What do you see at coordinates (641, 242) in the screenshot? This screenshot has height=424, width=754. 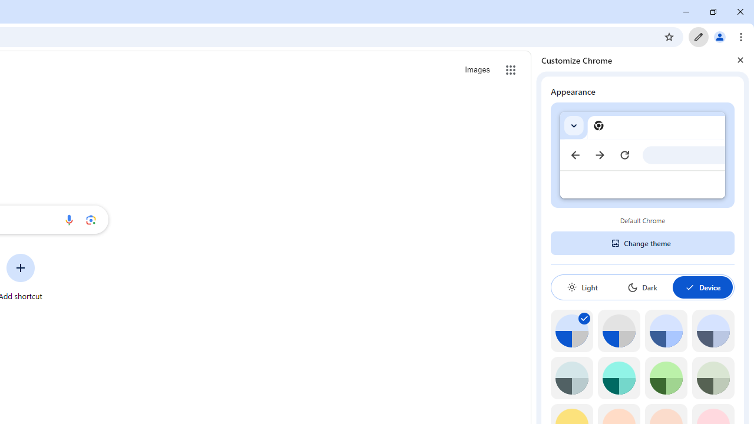 I see `'Change theme'` at bounding box center [641, 242].